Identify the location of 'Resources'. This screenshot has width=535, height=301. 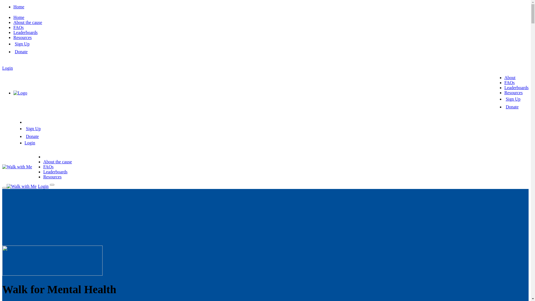
(22, 37).